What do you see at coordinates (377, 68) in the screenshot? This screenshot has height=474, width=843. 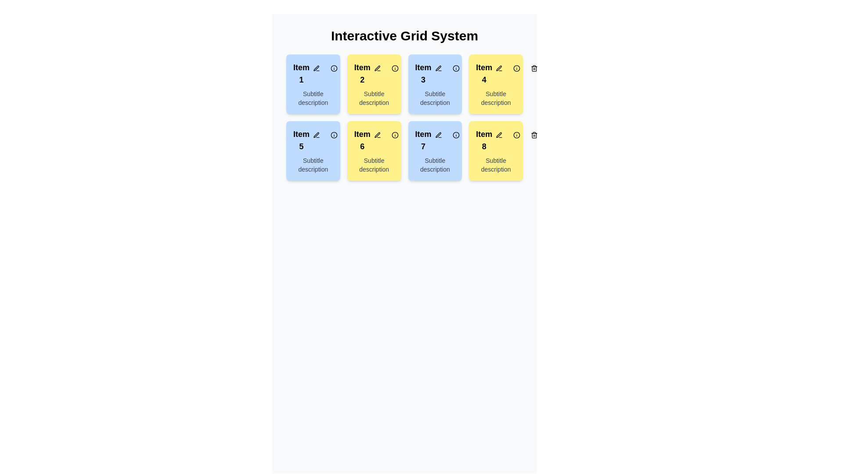 I see `the circular icon button featuring a pen symbol located in the top-right corner of the card labeled 'Item 2'` at bounding box center [377, 68].